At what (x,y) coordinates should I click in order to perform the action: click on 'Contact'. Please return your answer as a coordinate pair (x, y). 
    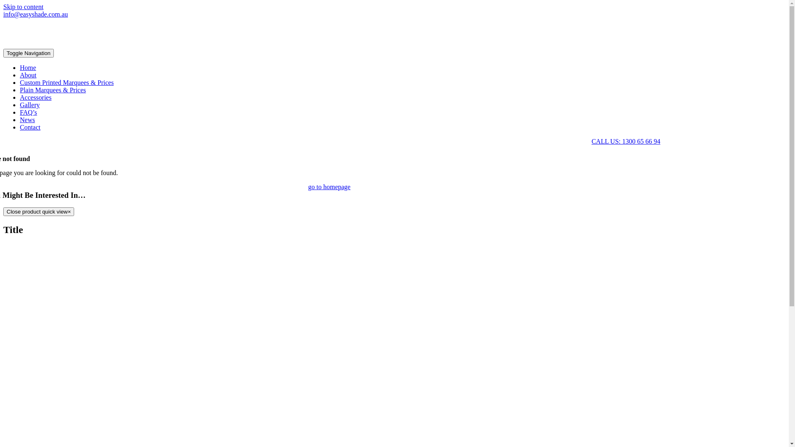
    Looking at the image, I should click on (20, 127).